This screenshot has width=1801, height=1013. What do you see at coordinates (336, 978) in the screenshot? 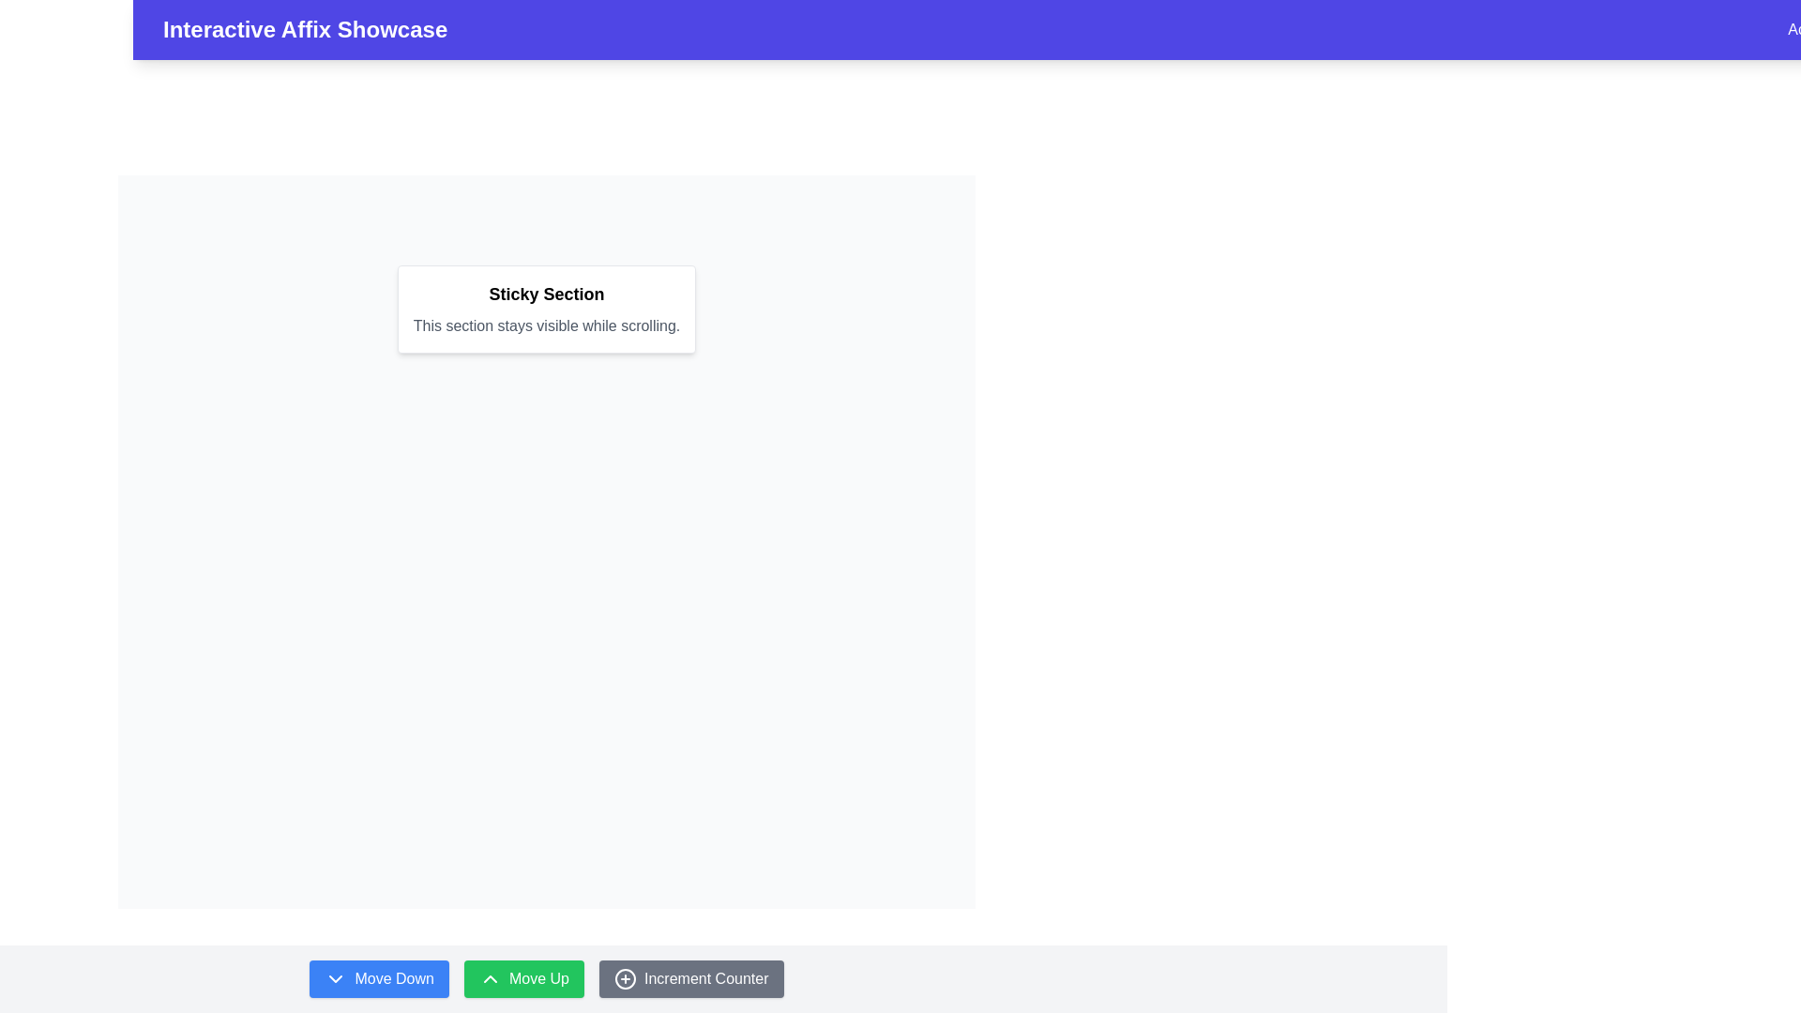
I see `the chevron icon located on the left side of the 'Move Down' button, which indicates the direction of the associated action` at bounding box center [336, 978].